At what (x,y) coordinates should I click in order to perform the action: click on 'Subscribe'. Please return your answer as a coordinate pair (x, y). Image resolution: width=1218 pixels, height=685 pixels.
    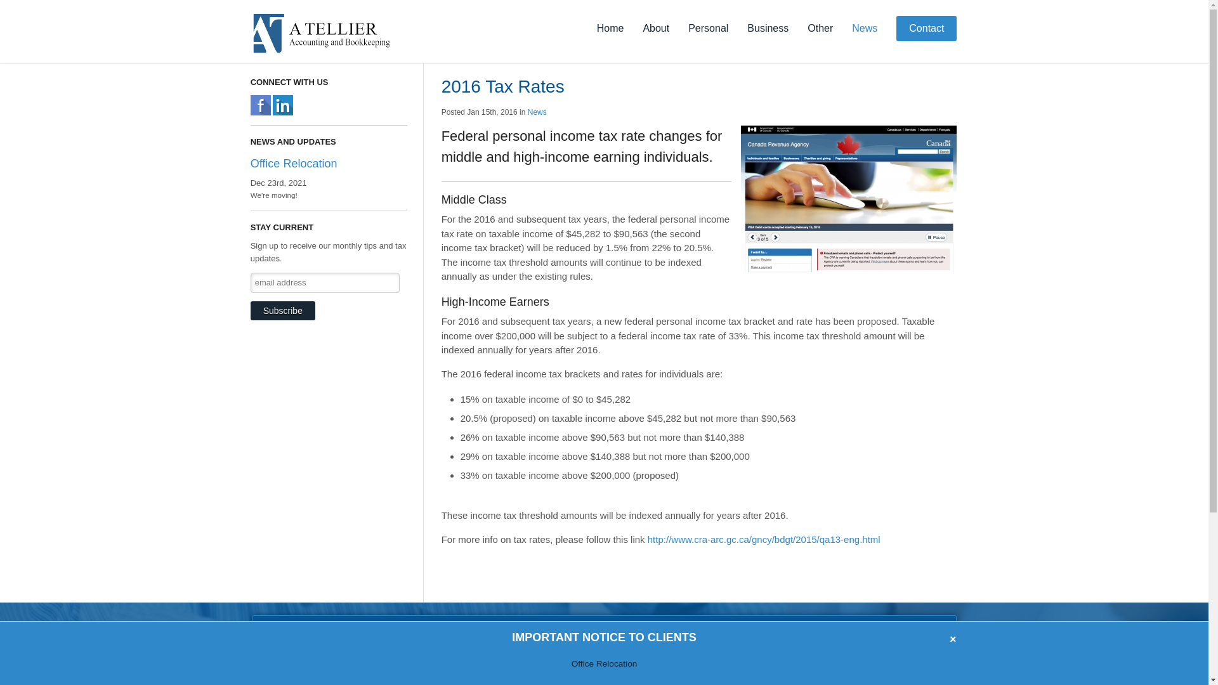
    Looking at the image, I should click on (282, 310).